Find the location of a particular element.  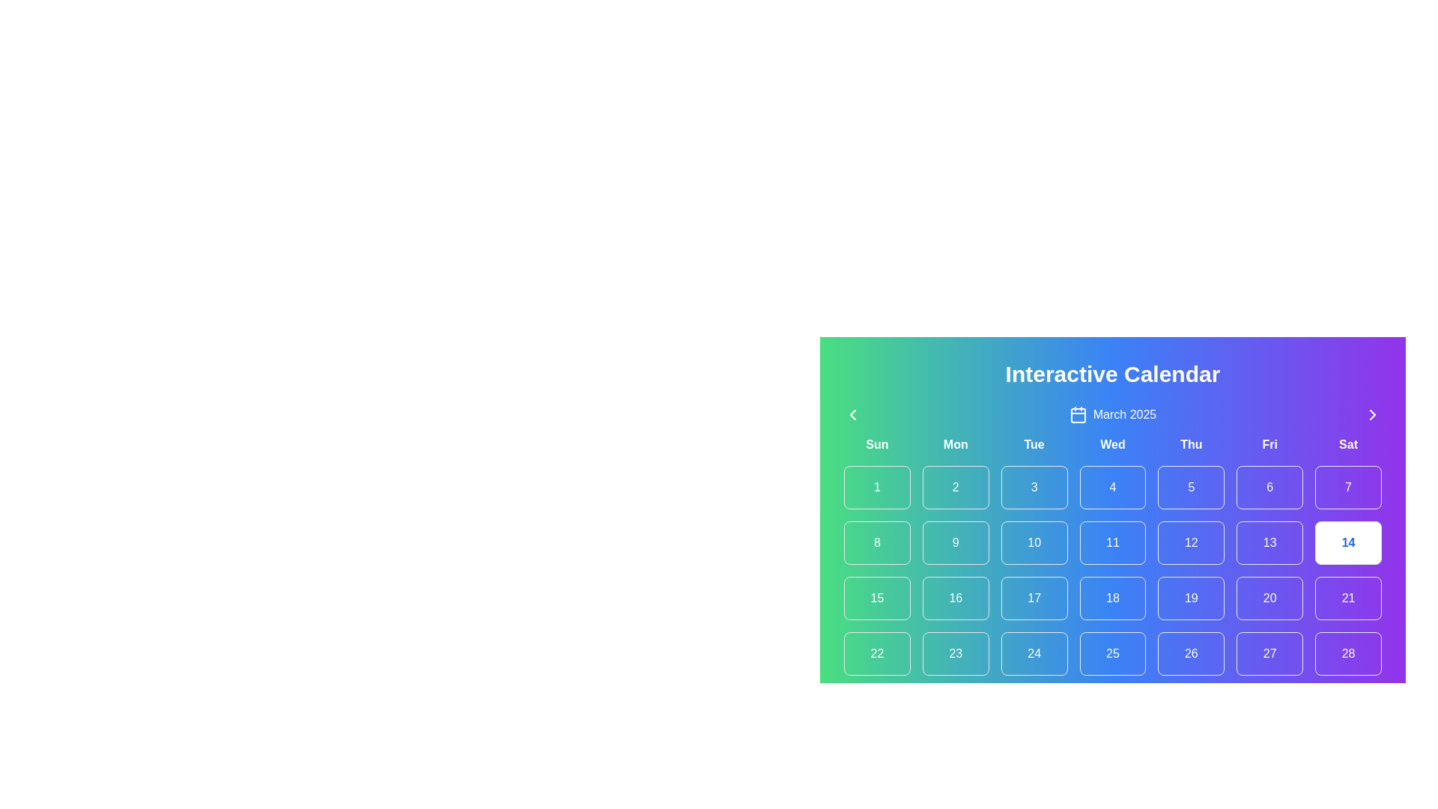

the text label 'Mon' which is bold and positioned in the days of the week row in the calendar interface is located at coordinates (955, 444).